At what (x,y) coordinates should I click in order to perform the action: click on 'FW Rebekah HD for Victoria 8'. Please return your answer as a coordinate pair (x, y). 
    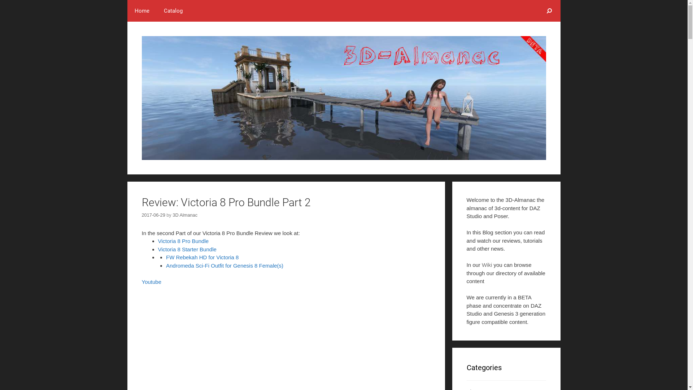
    Looking at the image, I should click on (202, 257).